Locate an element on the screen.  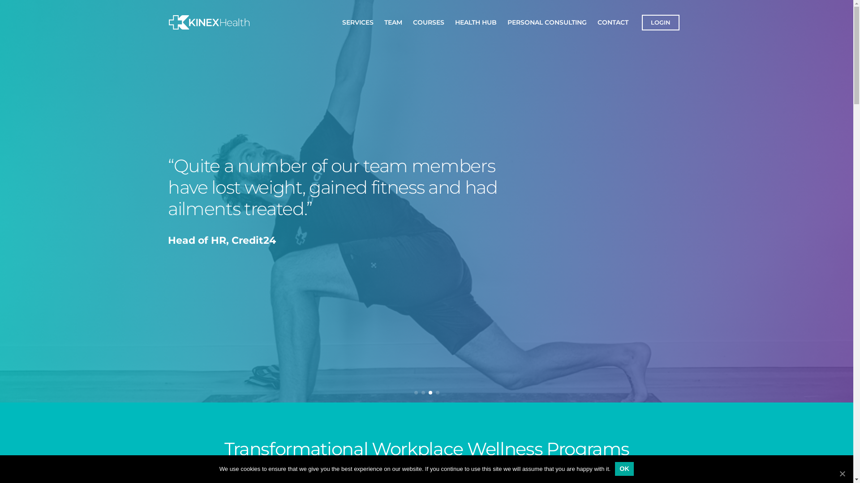
'Kinex Health' is located at coordinates (192, 34).